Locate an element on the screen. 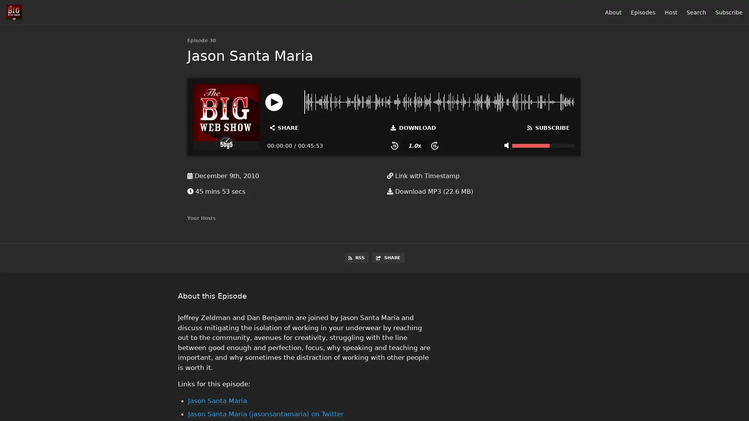 The width and height of the screenshot is (749, 421). Open Share and Subscribe Dialog is located at coordinates (284, 127).